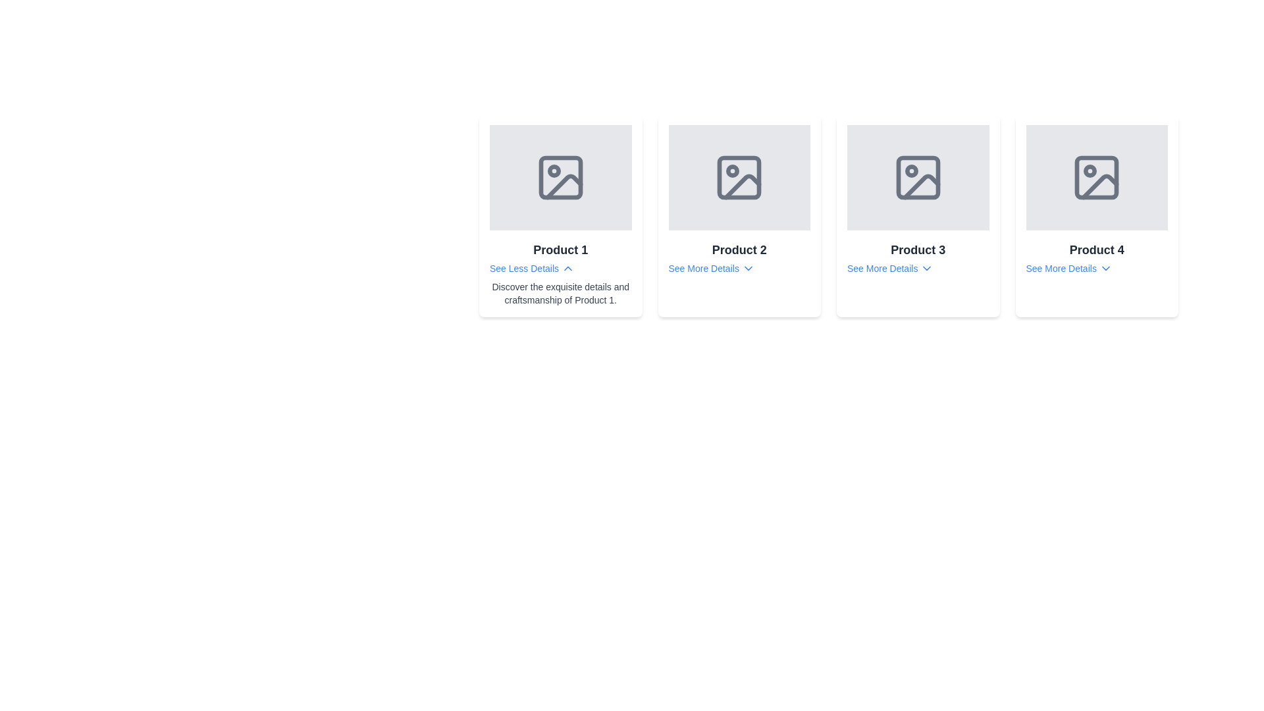 This screenshot has height=711, width=1264. What do you see at coordinates (560, 178) in the screenshot?
I see `the product image placeholder icon located at the center of the first product card in the horizontal grid` at bounding box center [560, 178].